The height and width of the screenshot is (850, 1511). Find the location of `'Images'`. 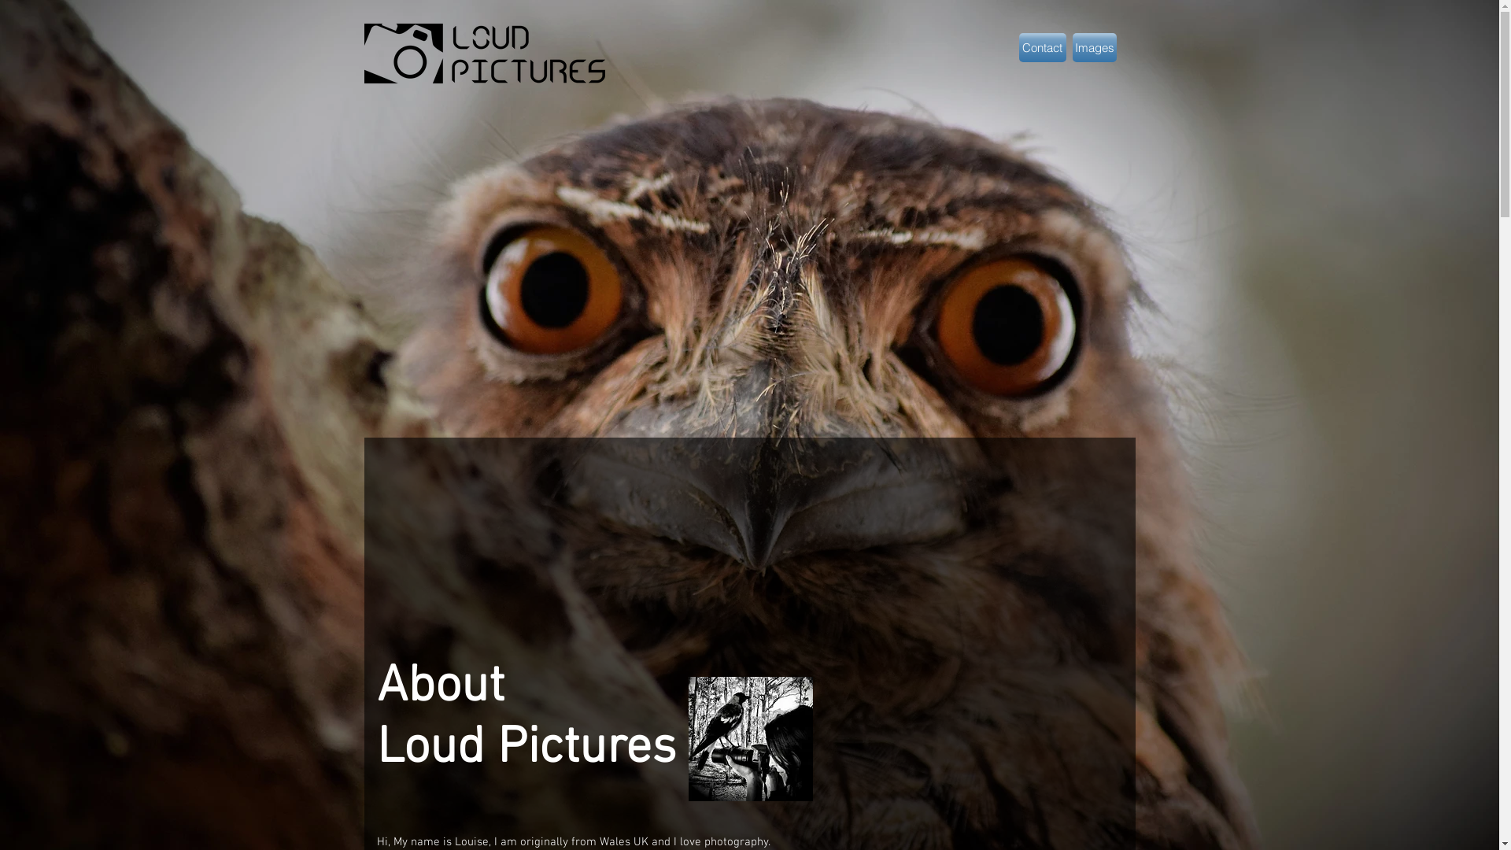

'Images' is located at coordinates (1093, 46).